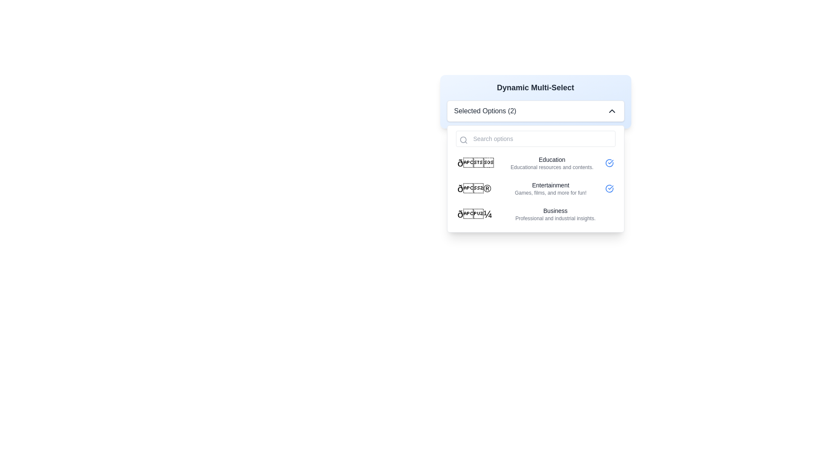  I want to click on the circular part of the magnifying glass icon located at the top-left of the 'Dynamic Multi-Select' dropdown panel, so click(462, 139).